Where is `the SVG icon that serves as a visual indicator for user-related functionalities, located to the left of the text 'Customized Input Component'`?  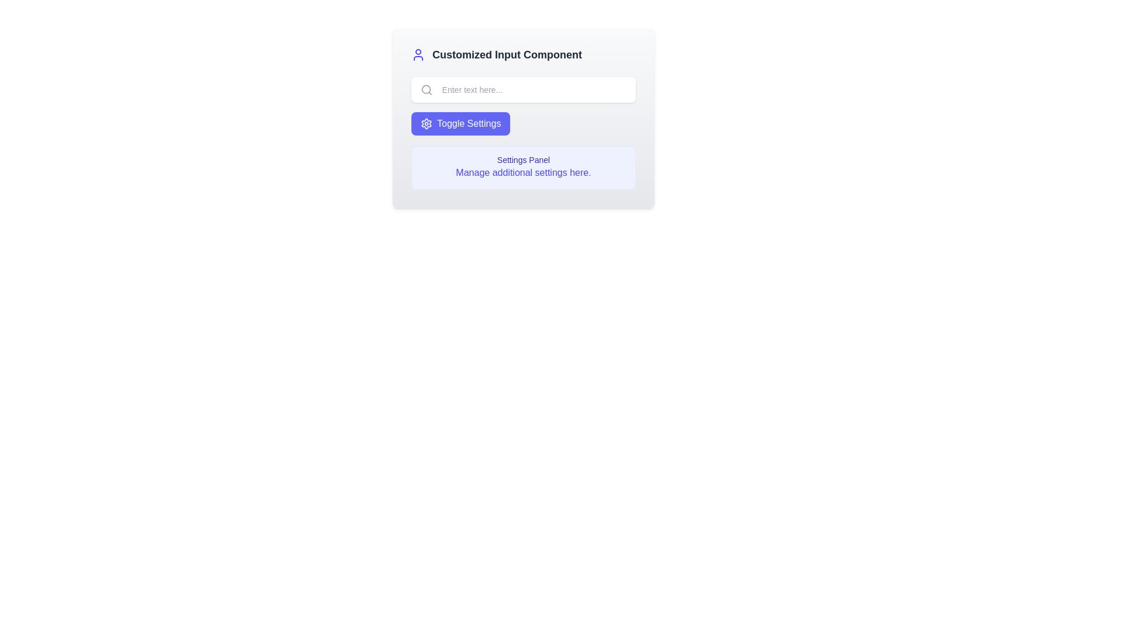 the SVG icon that serves as a visual indicator for user-related functionalities, located to the left of the text 'Customized Input Component' is located at coordinates (418, 54).